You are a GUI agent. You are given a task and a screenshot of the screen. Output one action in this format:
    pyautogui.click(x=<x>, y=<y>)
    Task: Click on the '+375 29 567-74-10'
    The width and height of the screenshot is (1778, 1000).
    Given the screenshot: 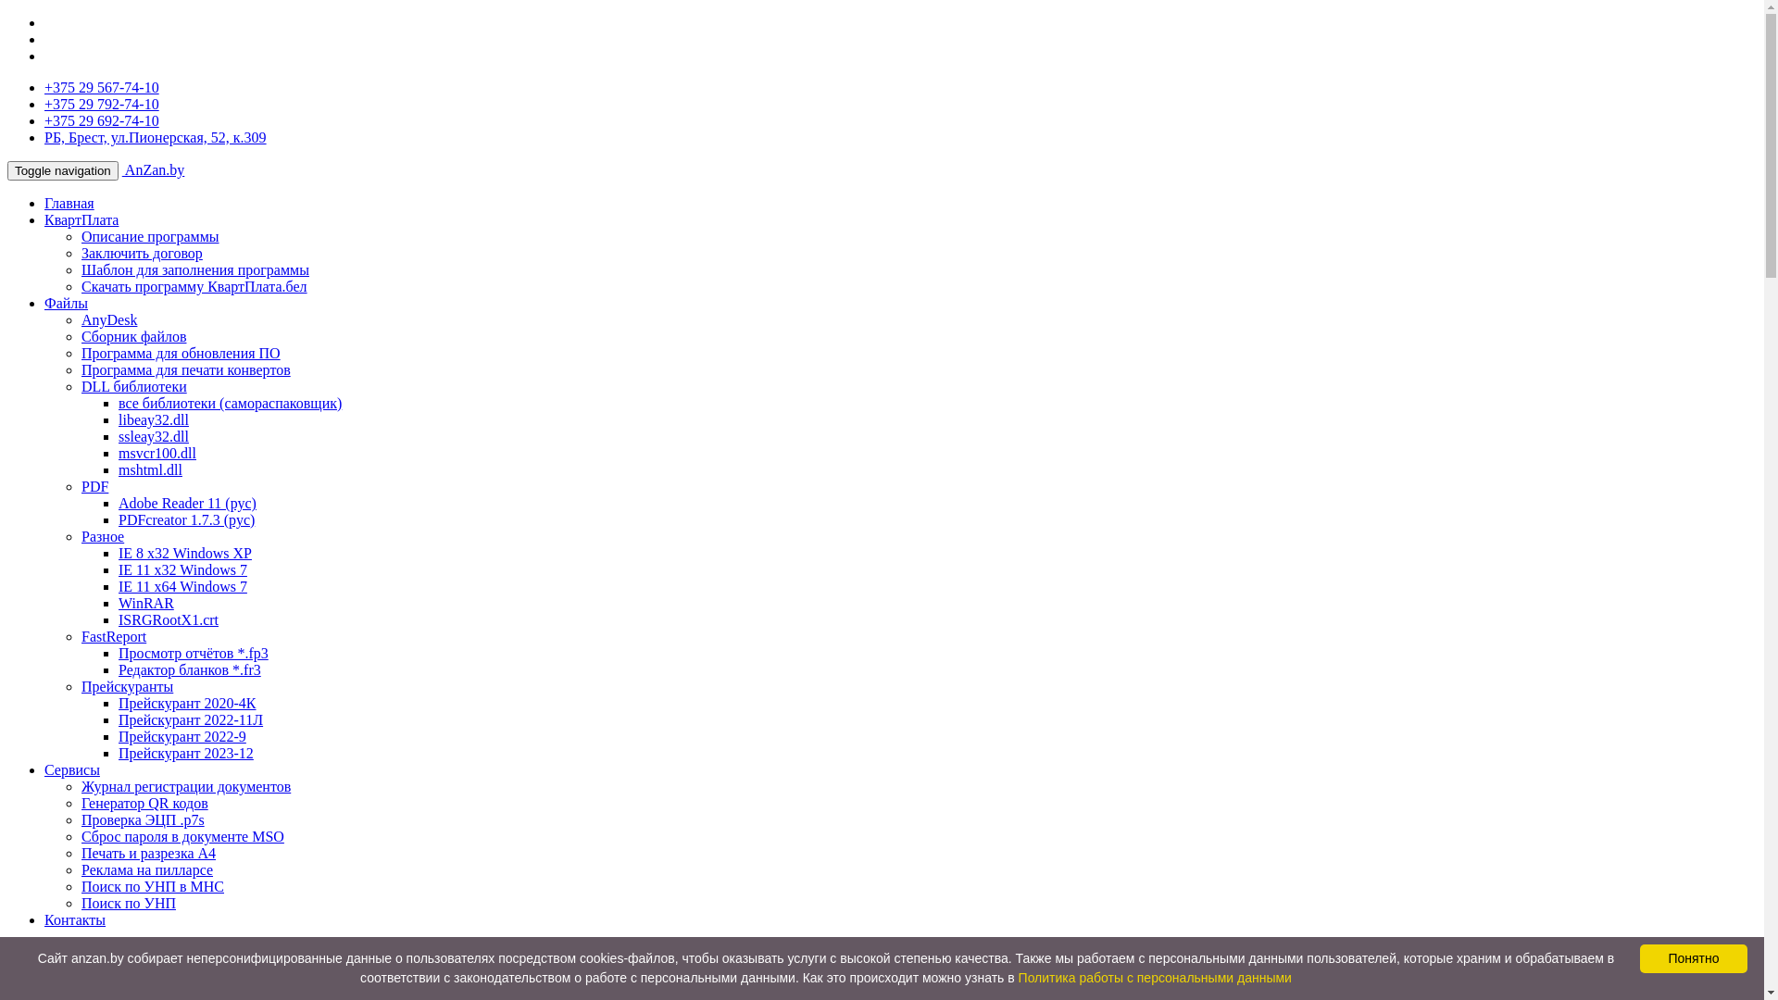 What is the action you would take?
    pyautogui.click(x=101, y=87)
    